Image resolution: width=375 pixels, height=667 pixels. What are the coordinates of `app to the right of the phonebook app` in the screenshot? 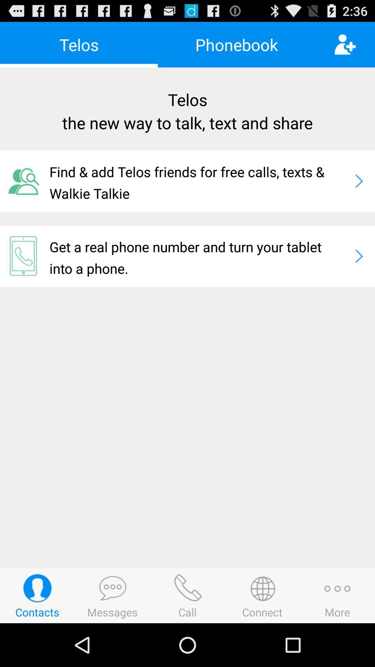 It's located at (354, 44).